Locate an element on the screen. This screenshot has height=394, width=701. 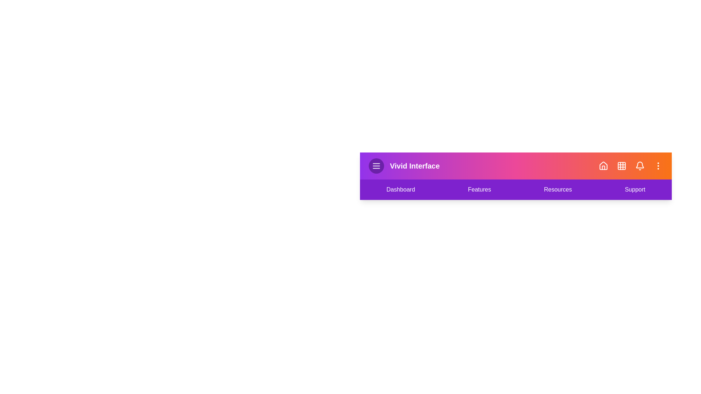
the Features navigation link is located at coordinates (479, 189).